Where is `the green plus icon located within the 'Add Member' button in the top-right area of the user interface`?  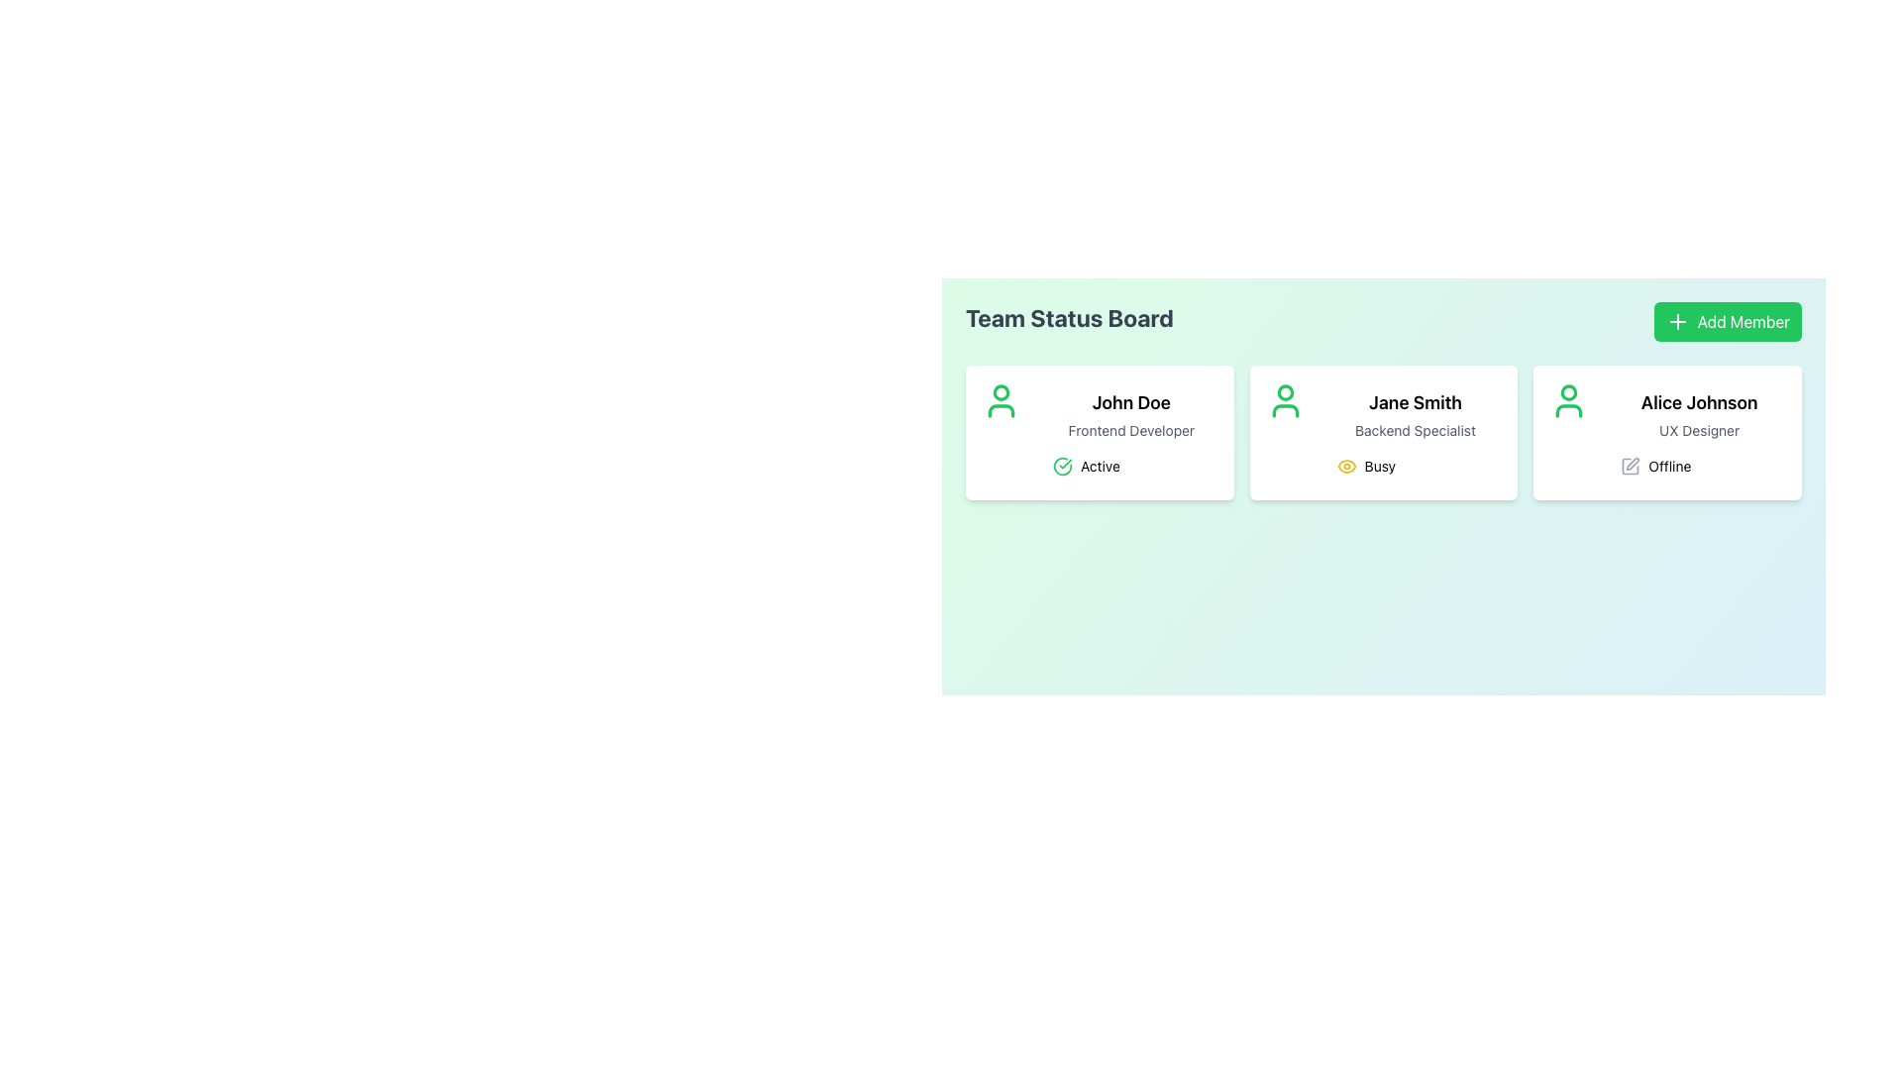 the green plus icon located within the 'Add Member' button in the top-right area of the user interface is located at coordinates (1676, 320).